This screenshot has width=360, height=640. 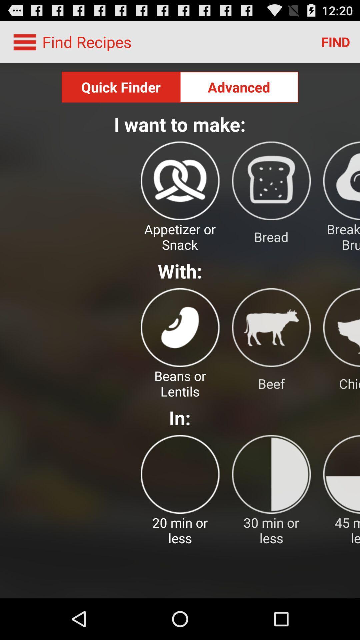 I want to click on the item below the find recipes, so click(x=121, y=87).